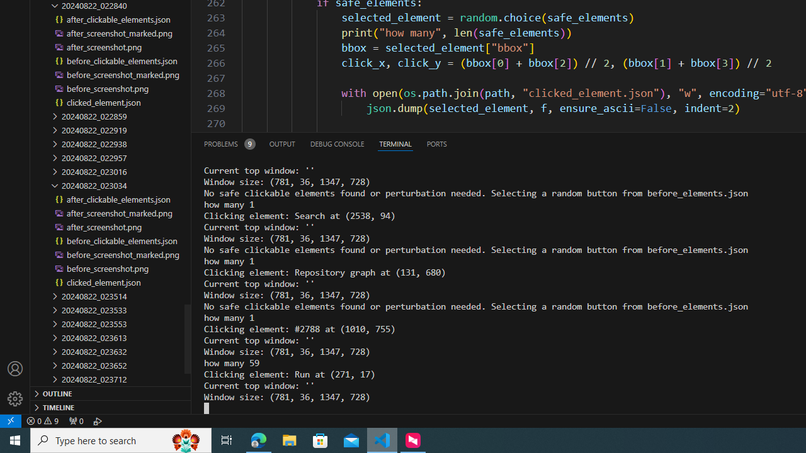 This screenshot has height=453, width=806. I want to click on 'Output (Ctrl+Shift+U)', so click(281, 143).